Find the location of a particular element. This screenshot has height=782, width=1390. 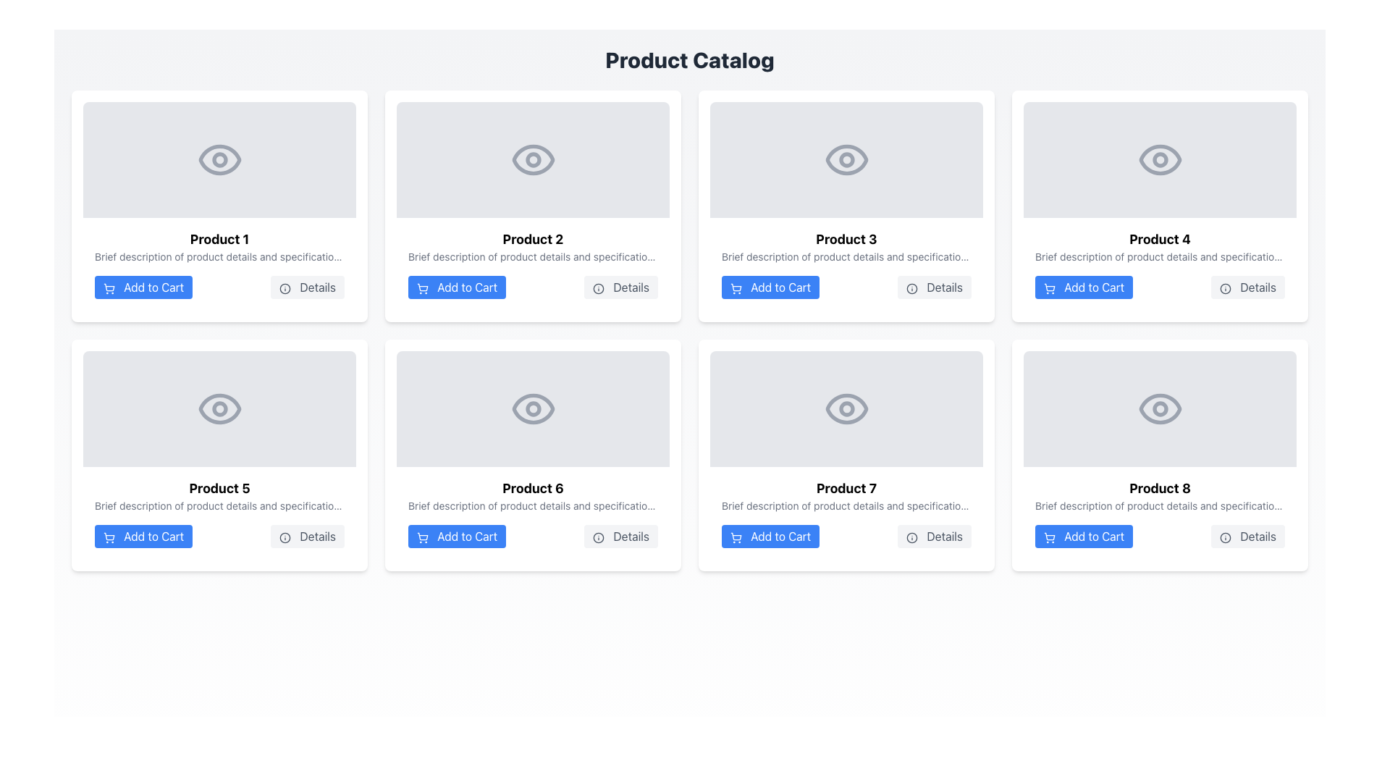

the 'Details' button located at the bottom-right corner of the card for 'Product 5' is located at coordinates (307, 536).